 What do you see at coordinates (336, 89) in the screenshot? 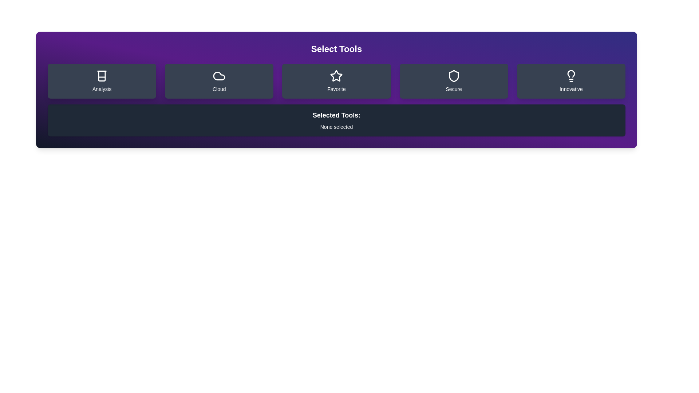
I see `the 'Favorite' text label, which is displayed in white on a dark gray background and is located at the bottom of a card containing a star icon` at bounding box center [336, 89].